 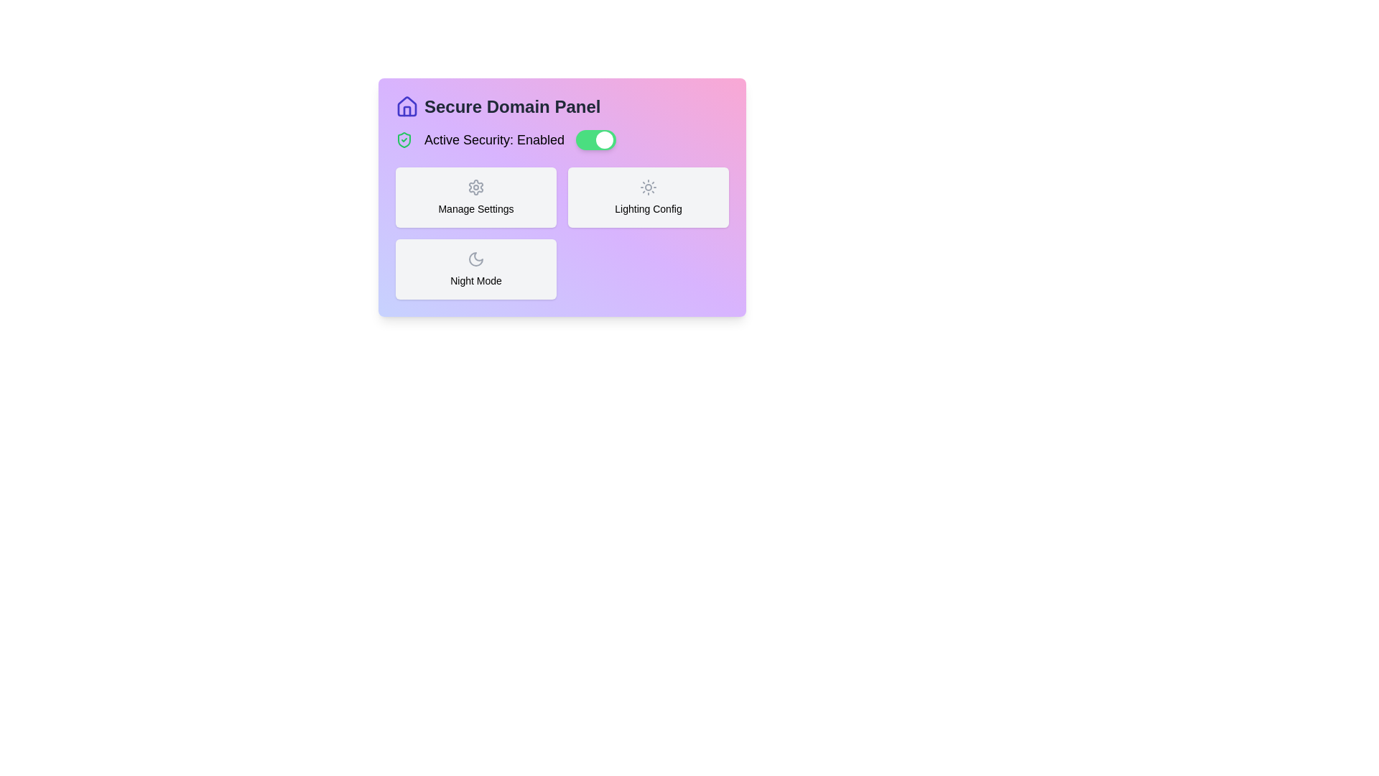 I want to click on the crescent moon icon which represents the 'Night Mode' functionality located in the bottom-left quadrant of the primary control panel interface, so click(x=475, y=259).